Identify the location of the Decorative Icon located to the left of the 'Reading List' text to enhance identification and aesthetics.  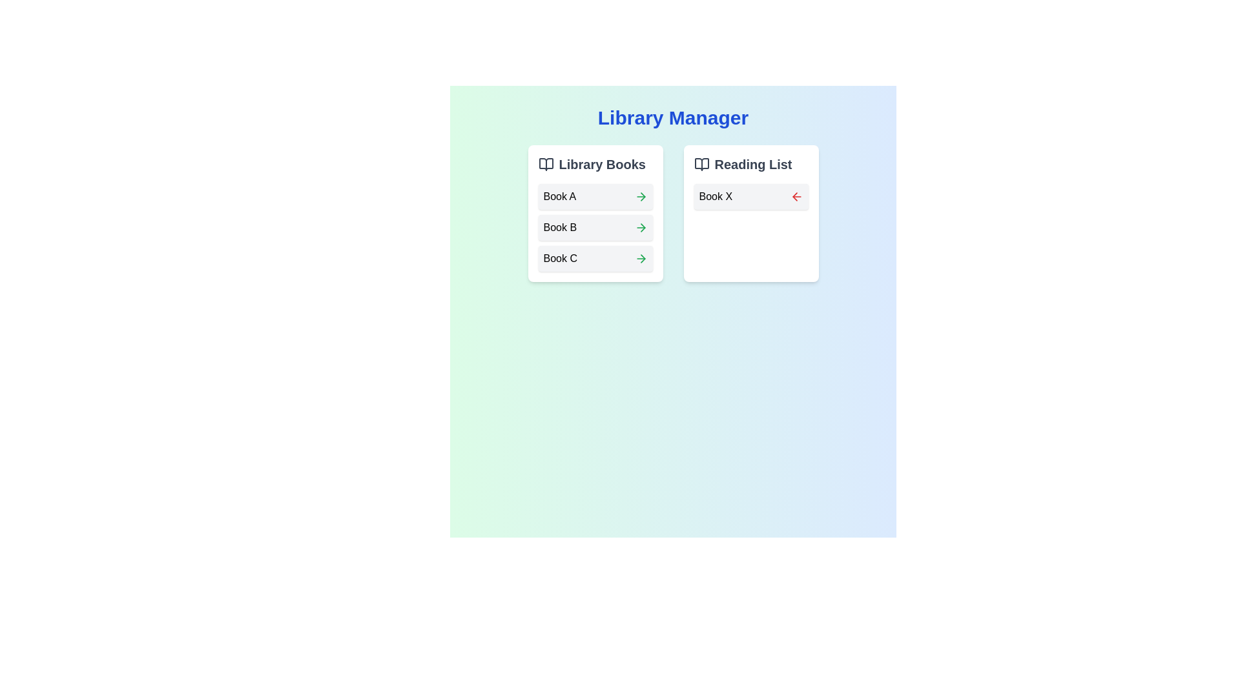
(701, 163).